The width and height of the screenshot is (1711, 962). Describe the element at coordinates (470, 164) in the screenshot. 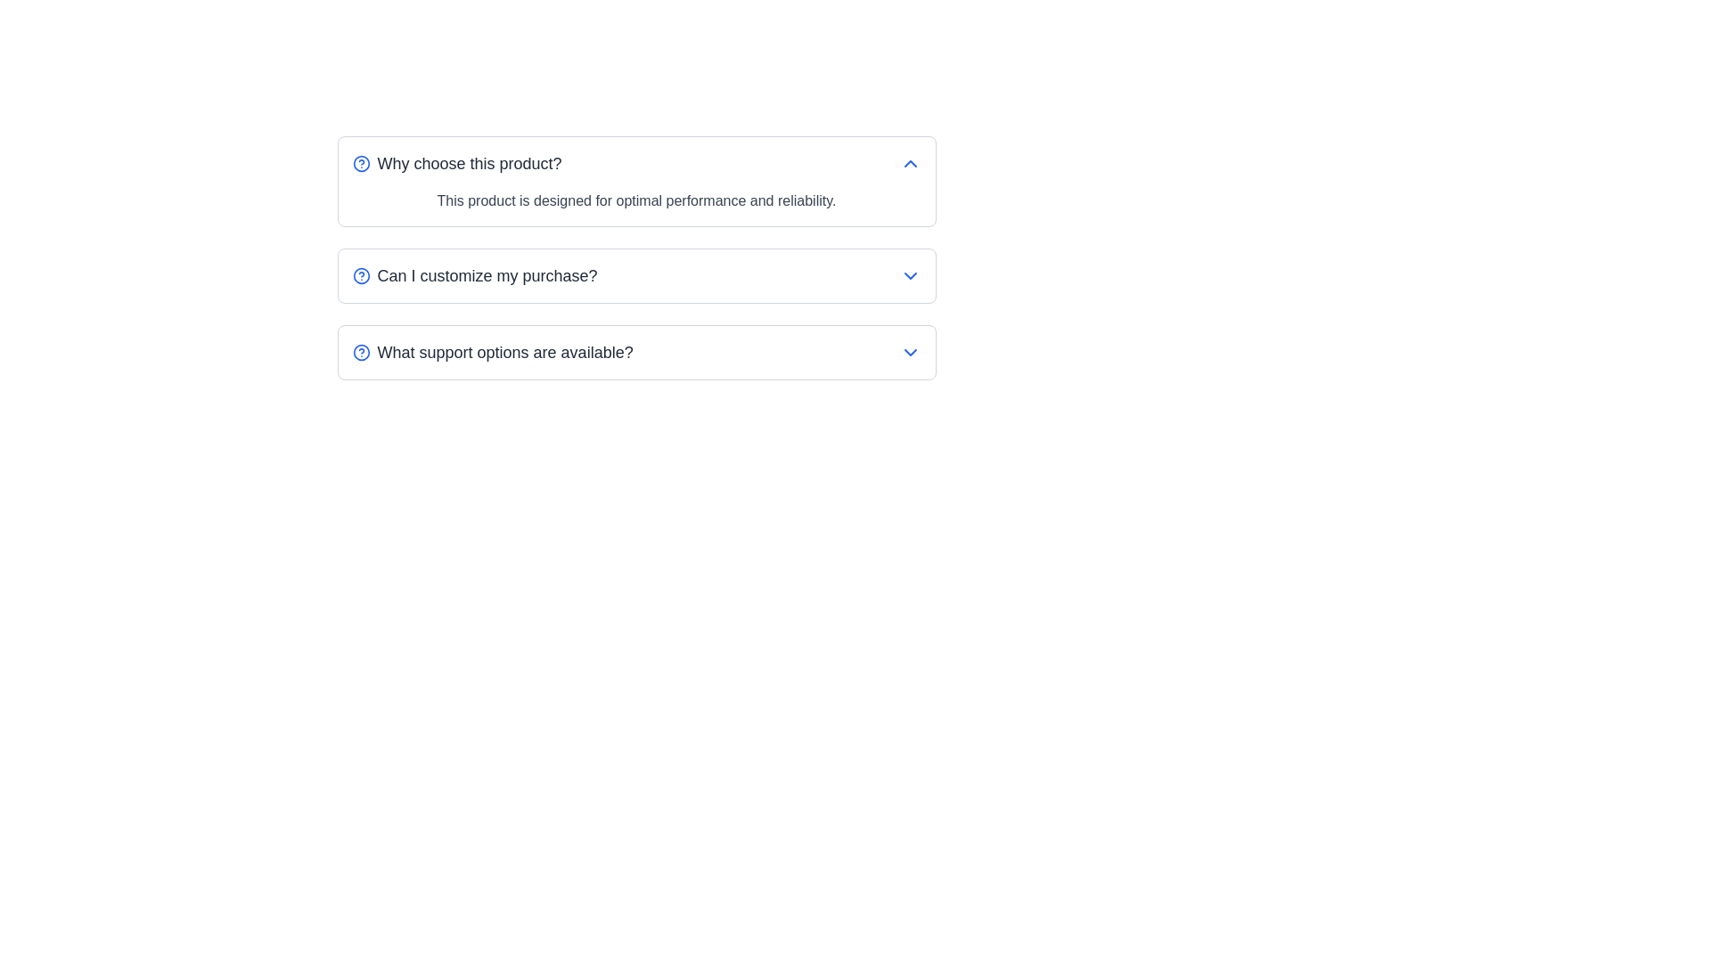

I see `the text label/header that reads 'Why choose this product?', which is styled in medium font weight and gray color, located next to the blue circular question icon` at that location.